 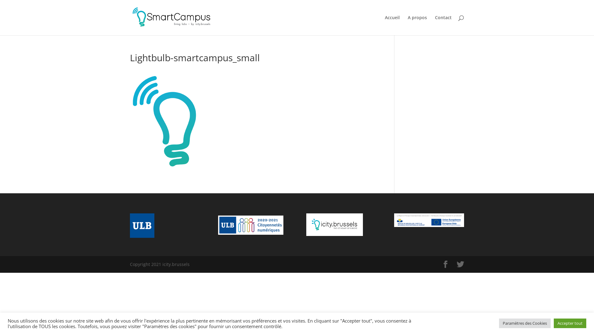 I want to click on 'Accueil', so click(x=392, y=25).